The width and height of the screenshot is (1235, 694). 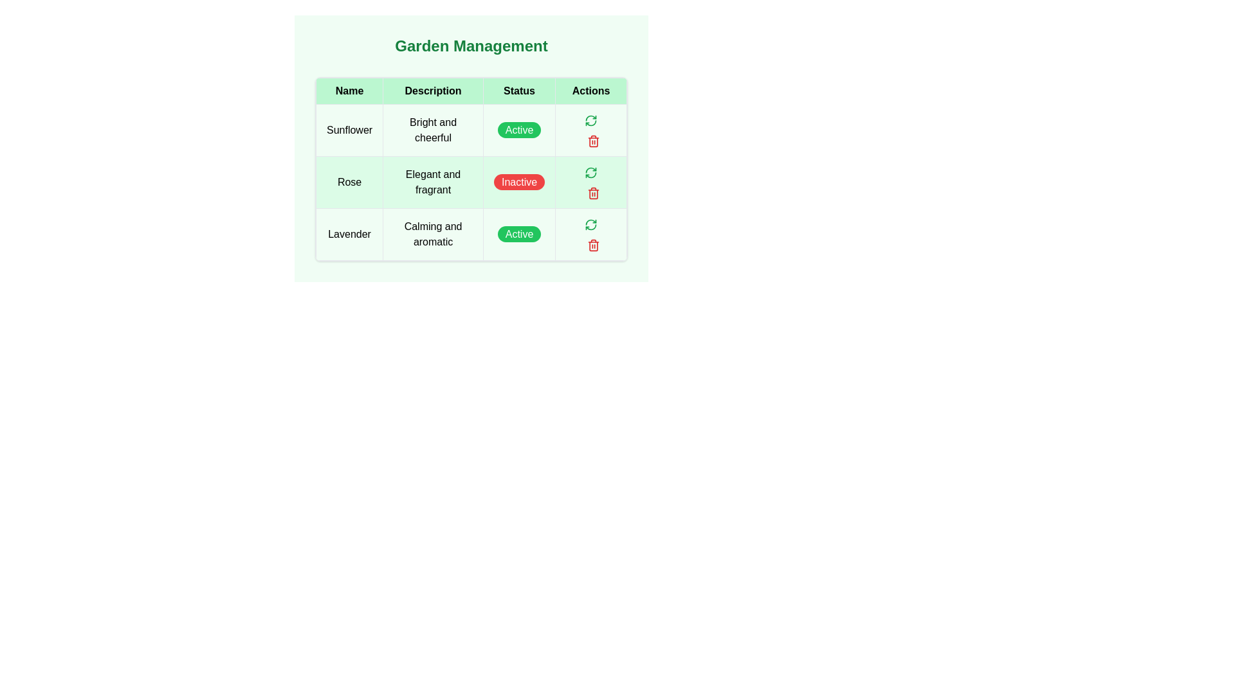 I want to click on the static text field labeled 'Elegant and fragrant' that is located in the second row of the table under the 'Description' column, so click(x=433, y=182).